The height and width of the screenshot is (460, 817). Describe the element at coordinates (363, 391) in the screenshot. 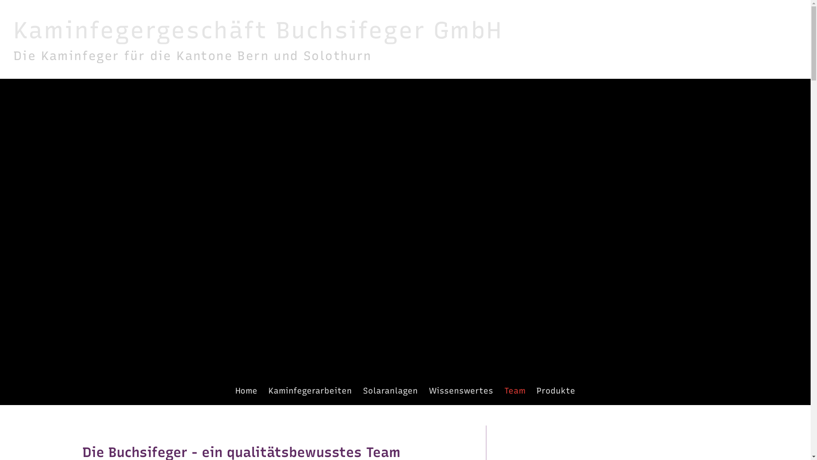

I see `'Solaranlagen'` at that location.